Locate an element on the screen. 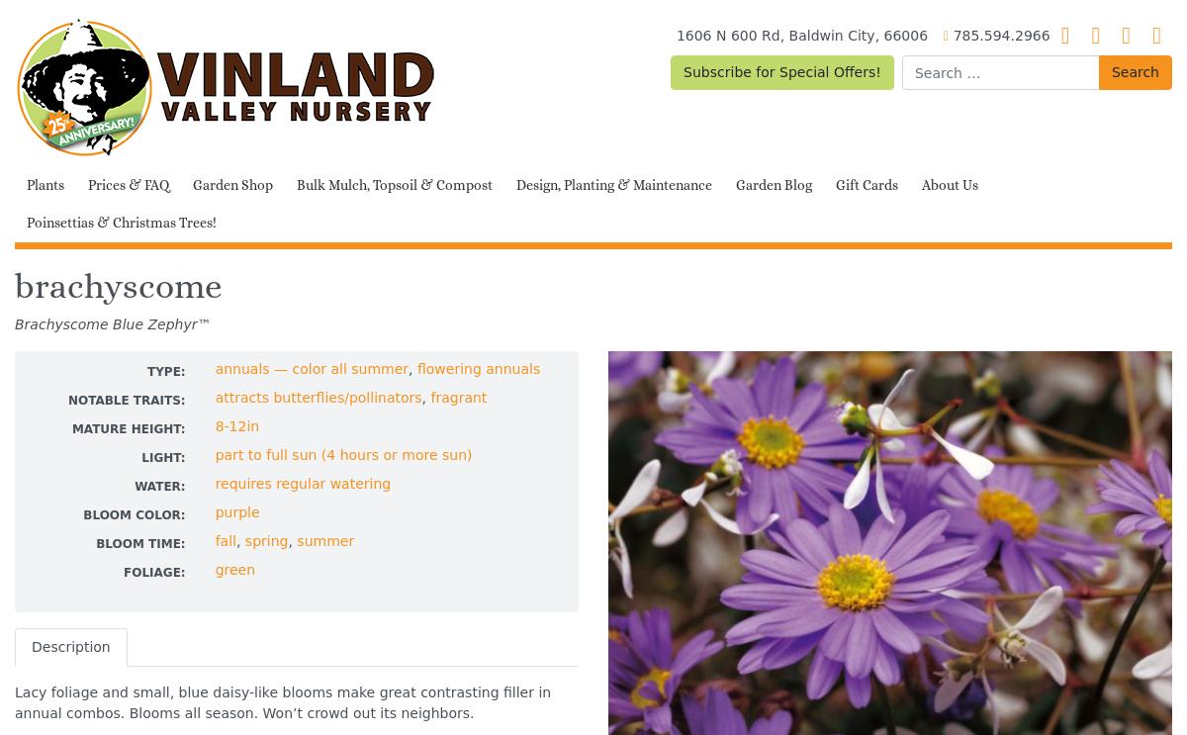 The height and width of the screenshot is (735, 1187). 'Subscribe for Special Offers!' is located at coordinates (683, 72).